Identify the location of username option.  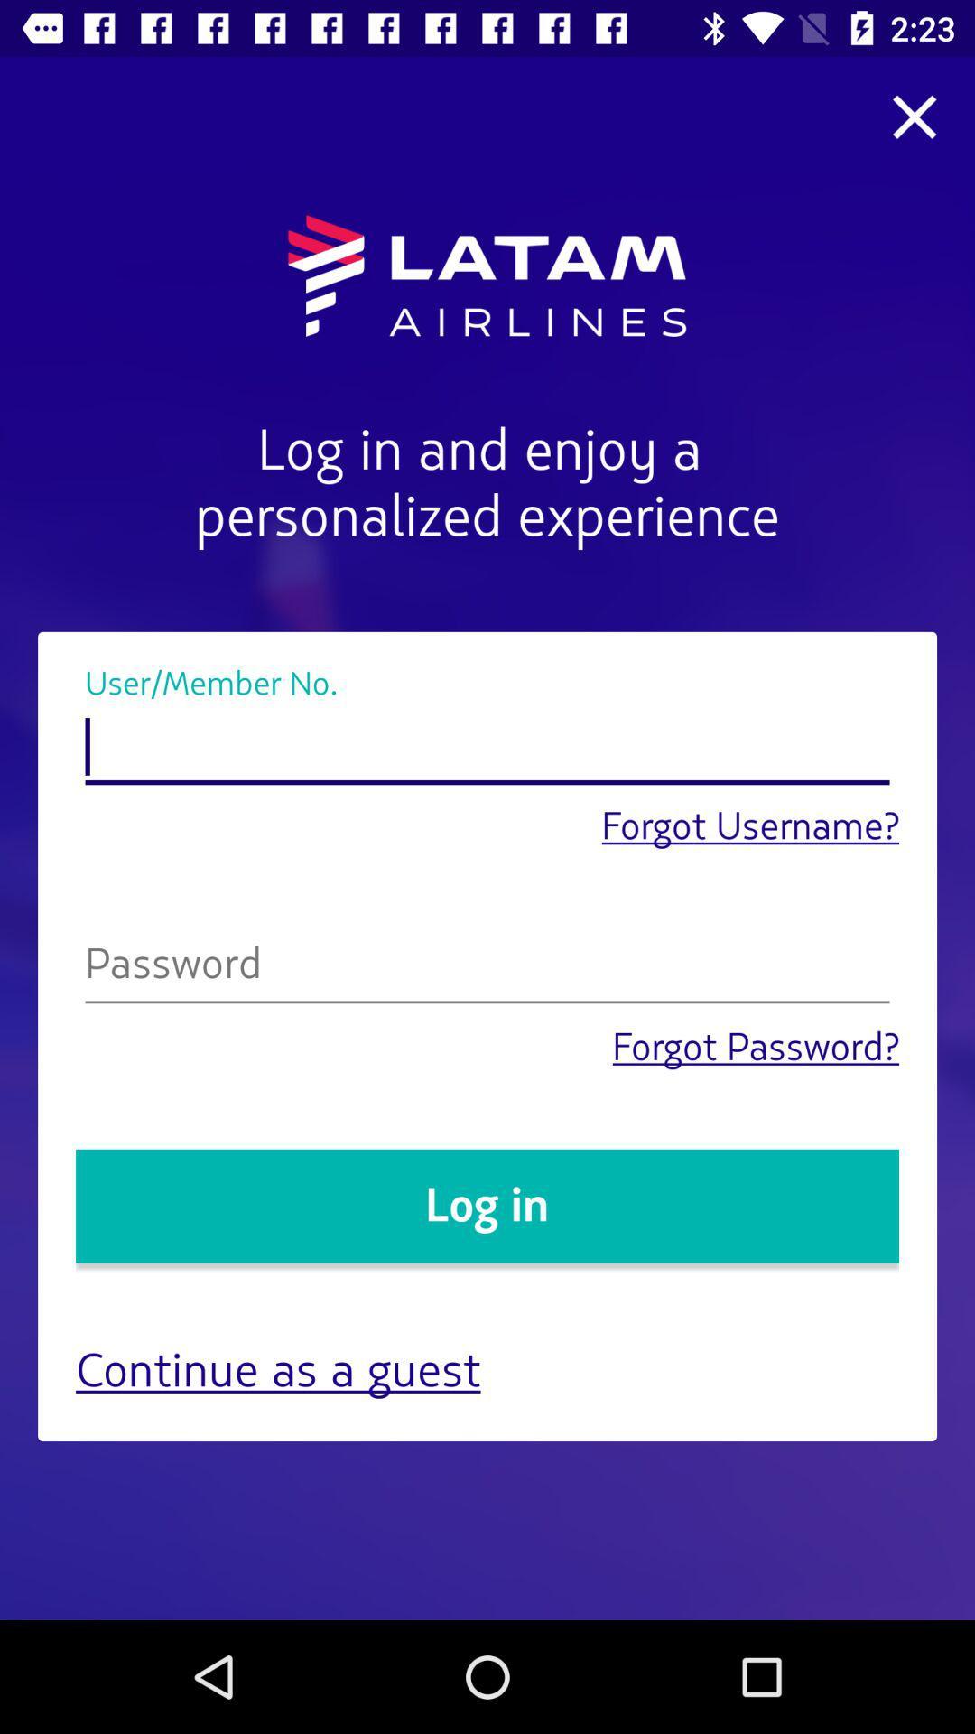
(487, 748).